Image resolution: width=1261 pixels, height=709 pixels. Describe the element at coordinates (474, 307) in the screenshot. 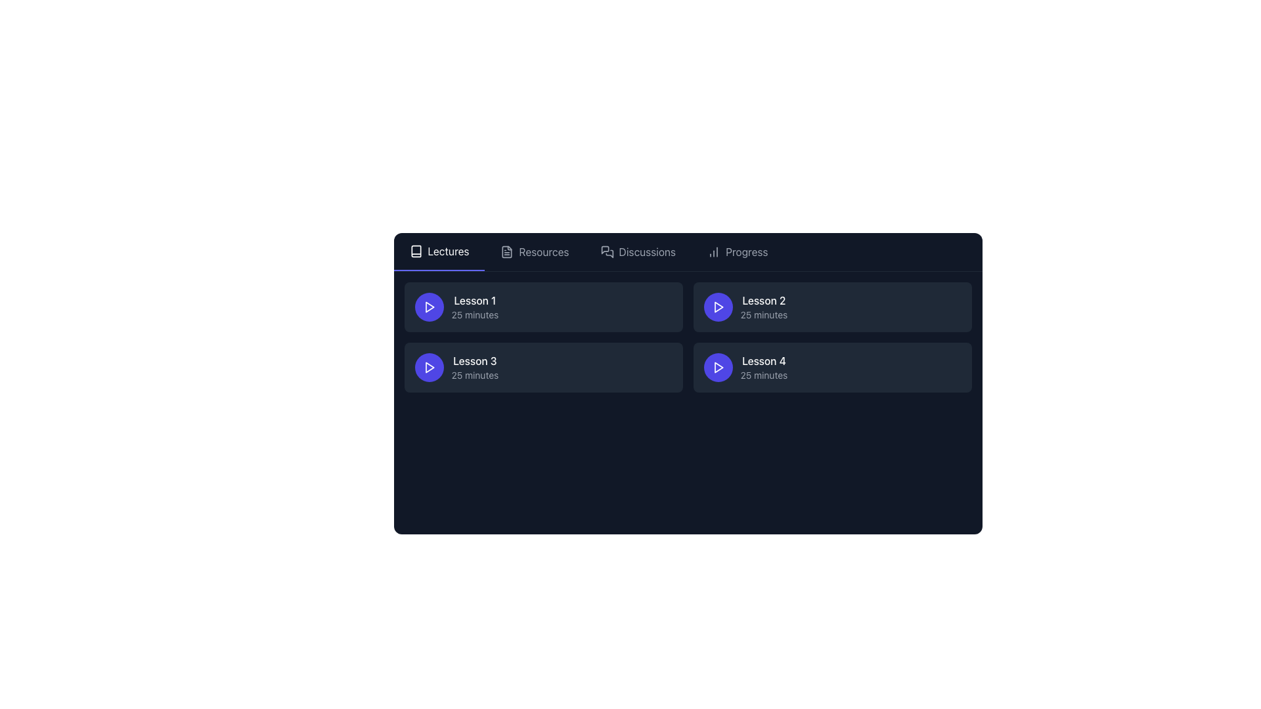

I see `informational label displaying 'Lesson 1' and '25 minutes', which is positioned at the top-left of the grid structure and features a dark-colored card background` at that location.